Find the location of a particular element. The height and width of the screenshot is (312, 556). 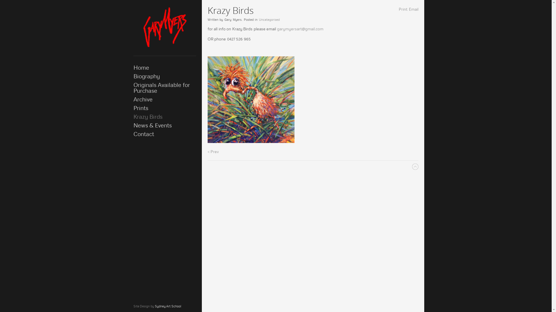

'Email' is located at coordinates (413, 9).